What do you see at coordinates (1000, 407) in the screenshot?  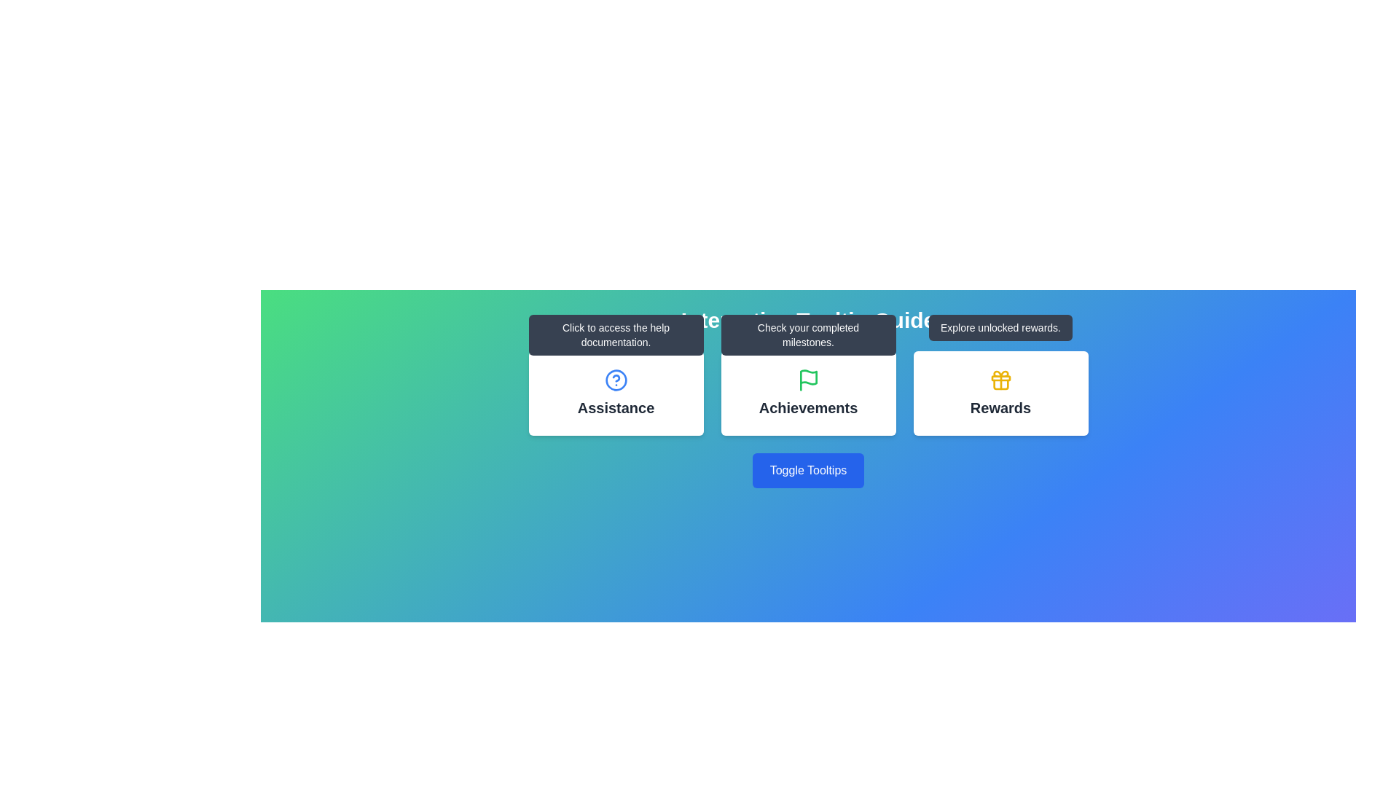 I see `the 'Rewards' text label styled in bold, deep gray font` at bounding box center [1000, 407].